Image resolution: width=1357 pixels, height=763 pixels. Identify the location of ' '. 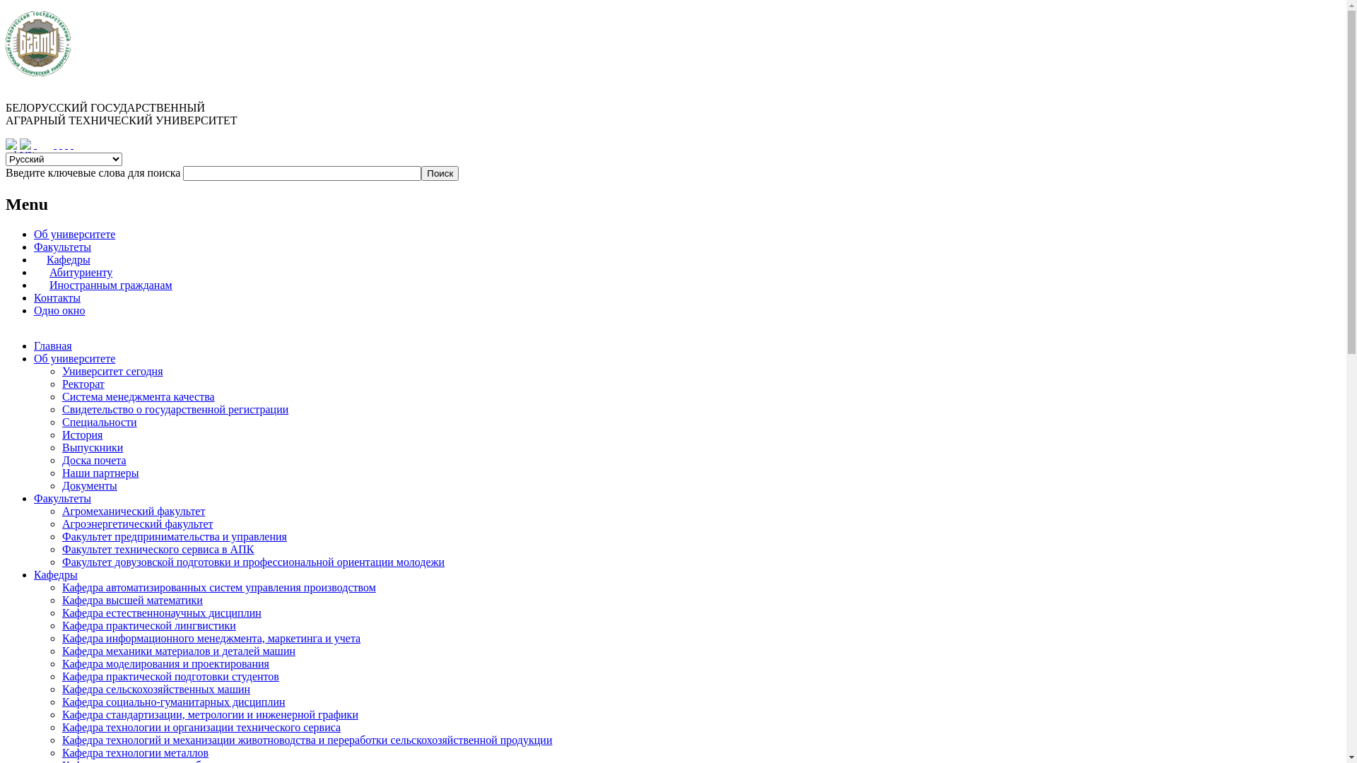
(34, 144).